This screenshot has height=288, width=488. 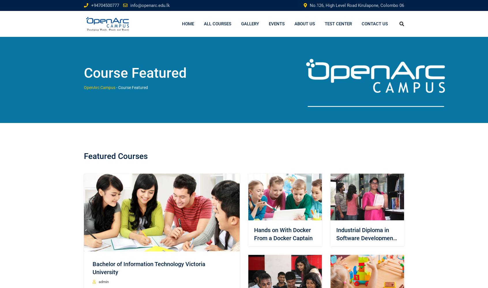 What do you see at coordinates (117, 87) in the screenshot?
I see `'-'` at bounding box center [117, 87].